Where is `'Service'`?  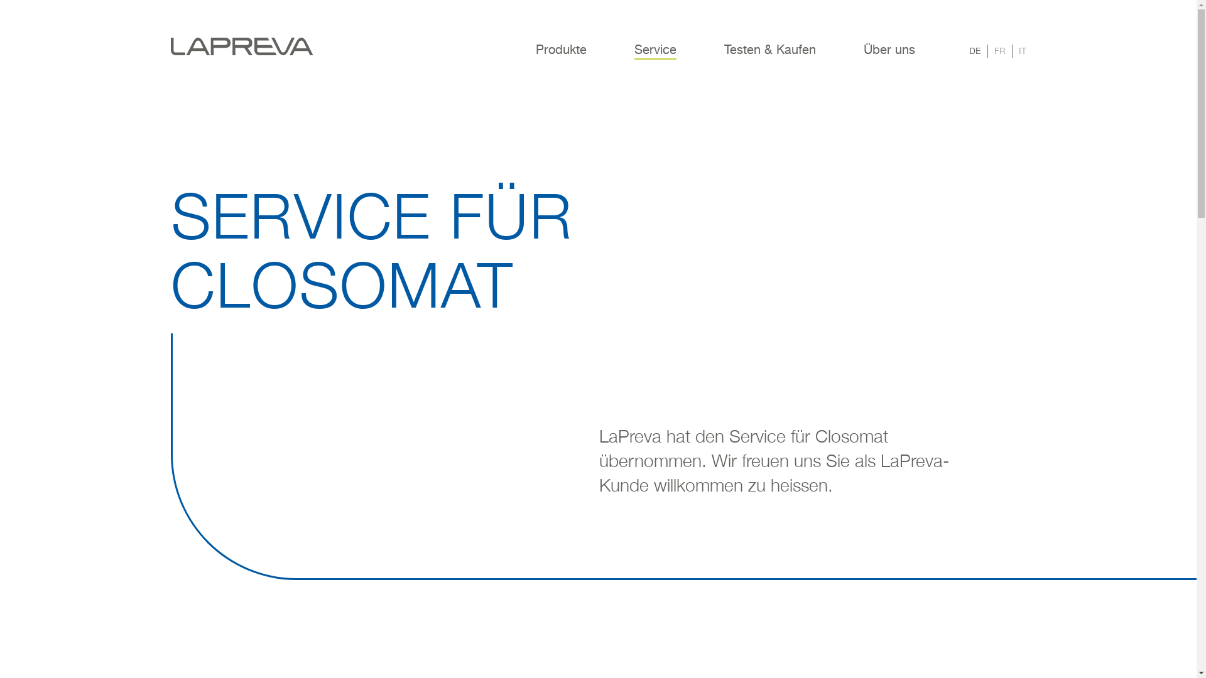 'Service' is located at coordinates (655, 58).